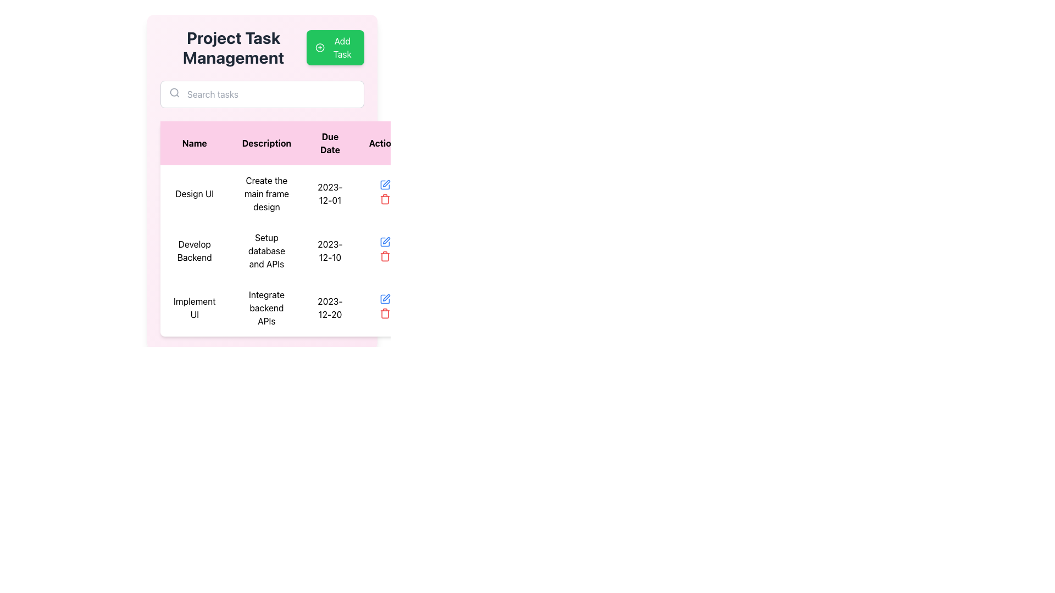 Image resolution: width=1055 pixels, height=593 pixels. I want to click on the text label for the 'Implement UI' task located in the third row of the table under the 'Name' column, so click(195, 307).